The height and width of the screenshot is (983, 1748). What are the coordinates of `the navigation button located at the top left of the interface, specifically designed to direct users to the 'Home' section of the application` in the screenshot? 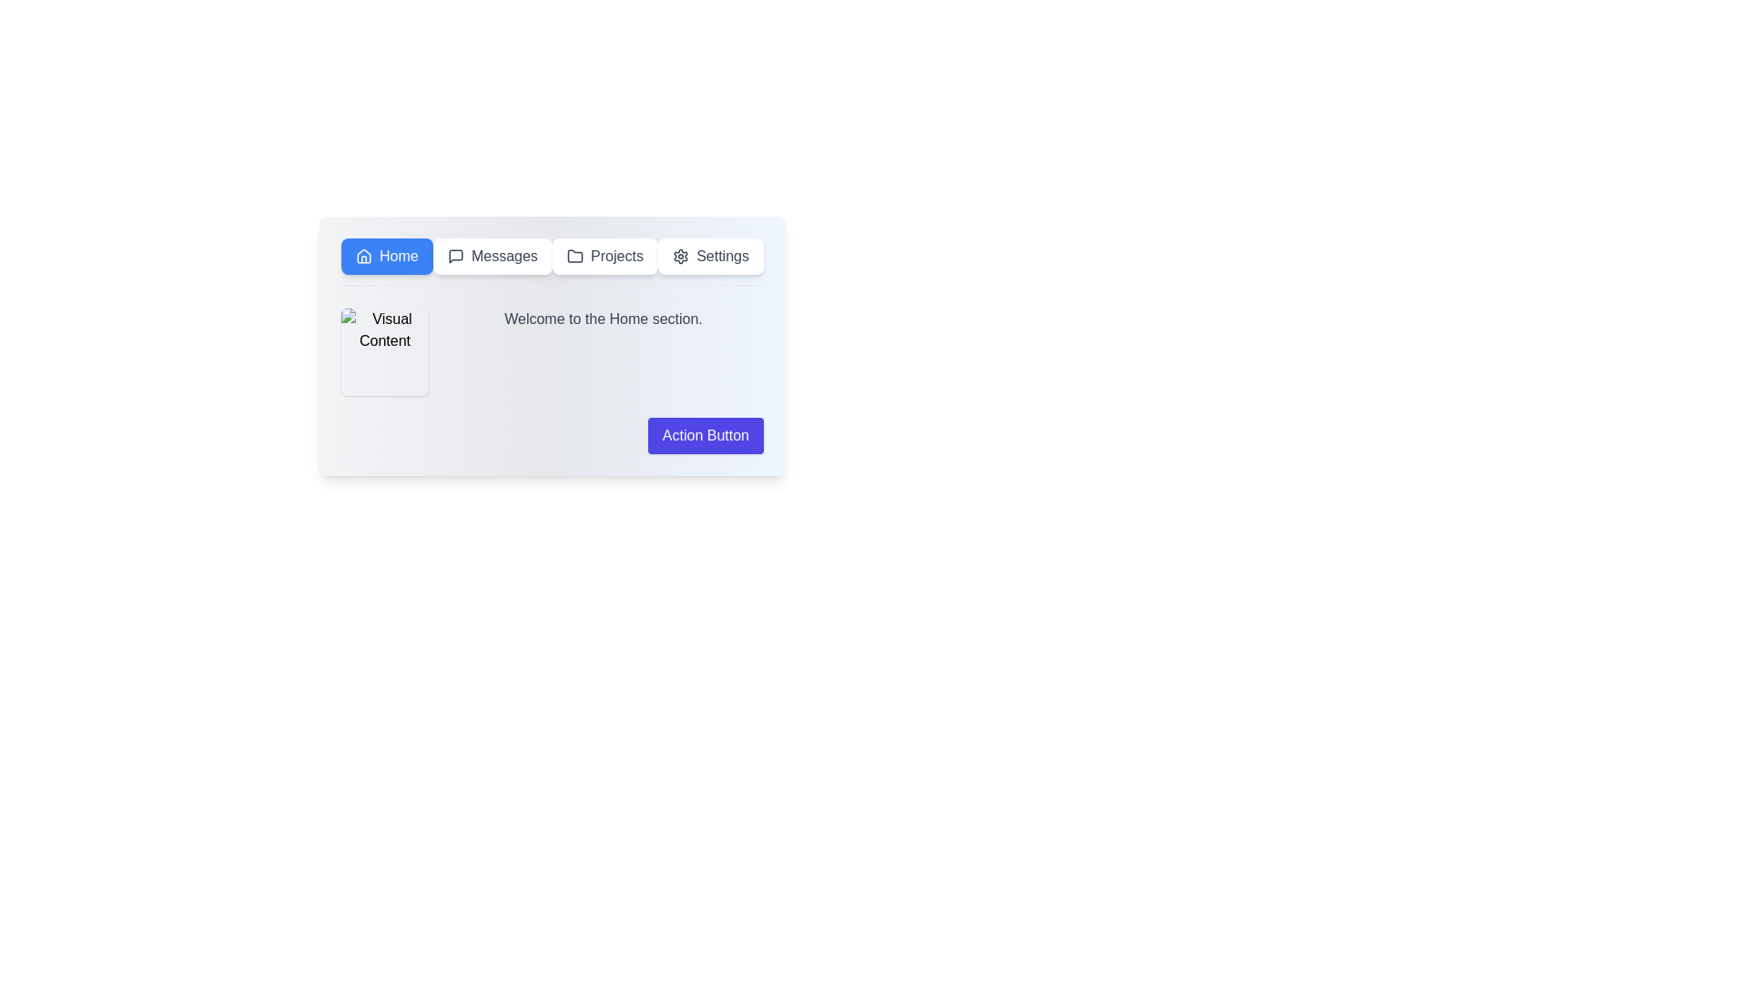 It's located at (386, 256).